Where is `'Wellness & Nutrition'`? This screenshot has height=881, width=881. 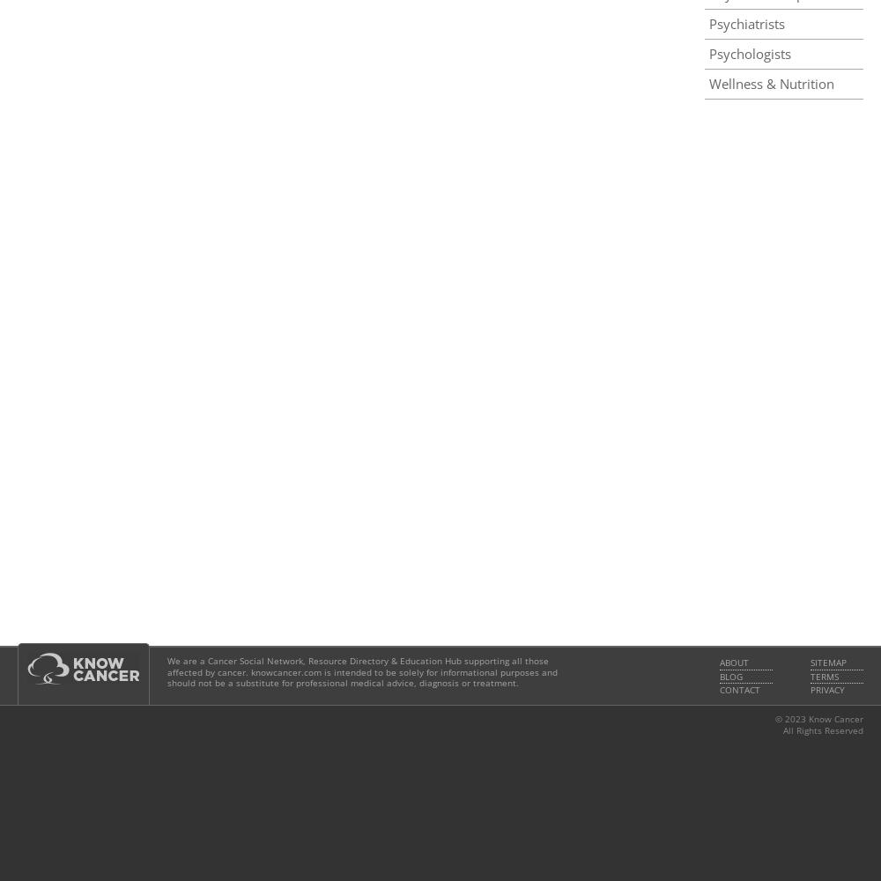 'Wellness & Nutrition' is located at coordinates (772, 83).